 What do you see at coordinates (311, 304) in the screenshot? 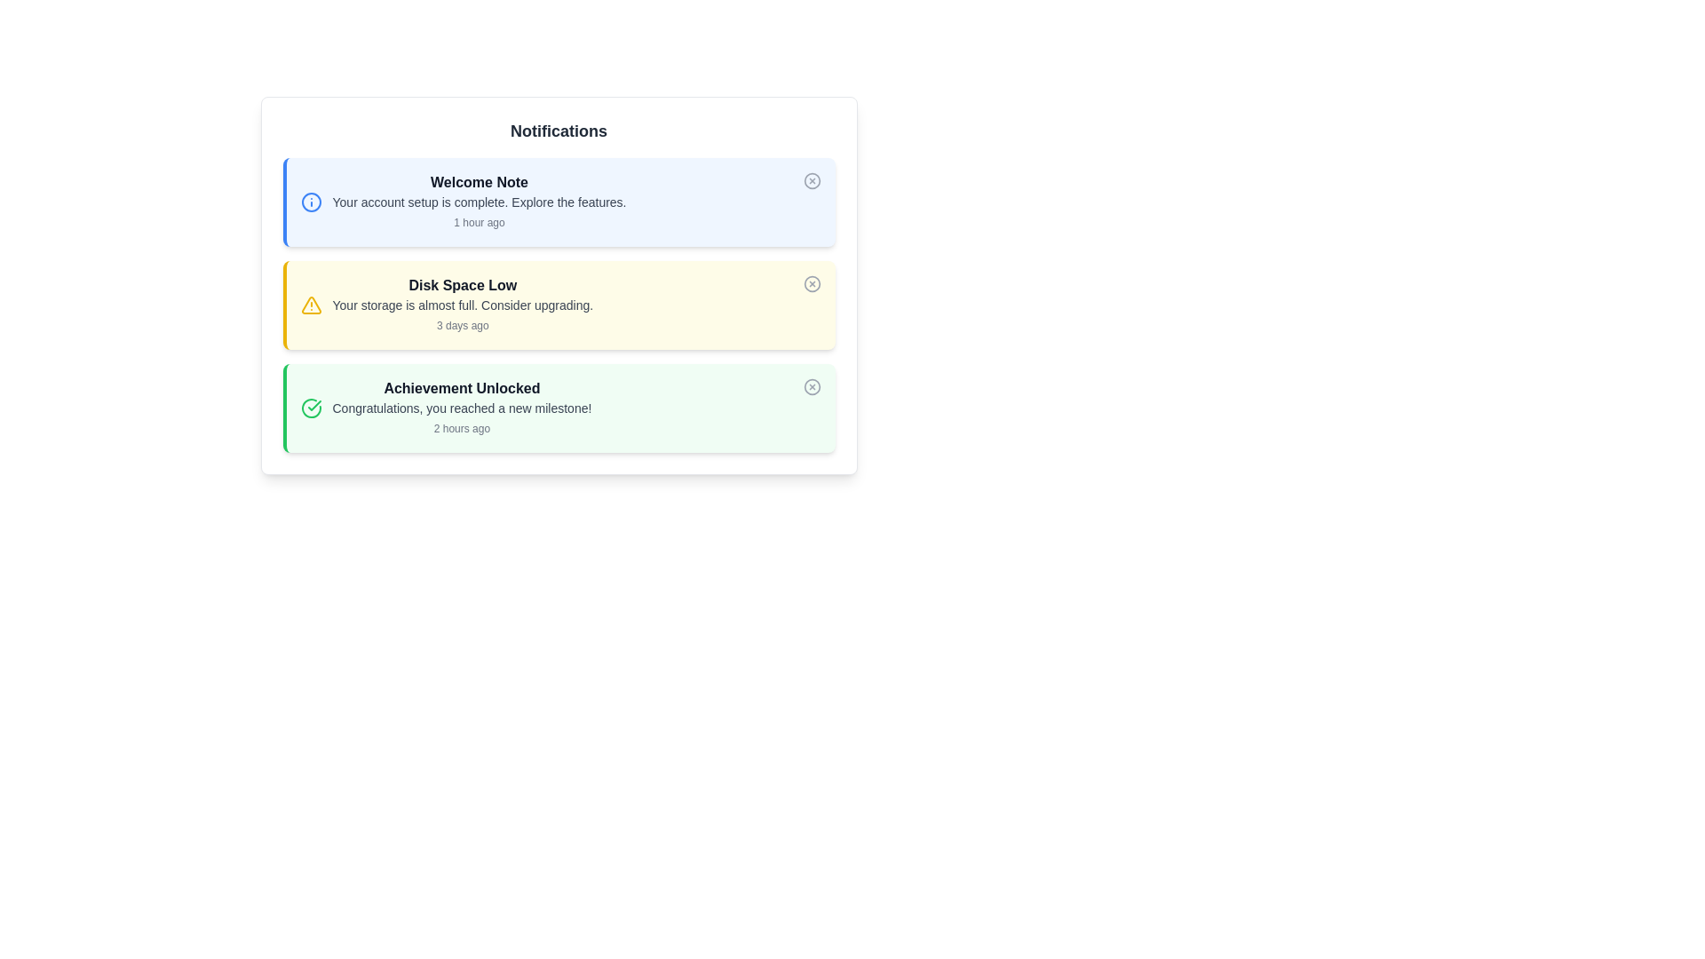
I see `the warning icon indicating low disk space in the second notification card adjacent to the descriptive text` at bounding box center [311, 304].